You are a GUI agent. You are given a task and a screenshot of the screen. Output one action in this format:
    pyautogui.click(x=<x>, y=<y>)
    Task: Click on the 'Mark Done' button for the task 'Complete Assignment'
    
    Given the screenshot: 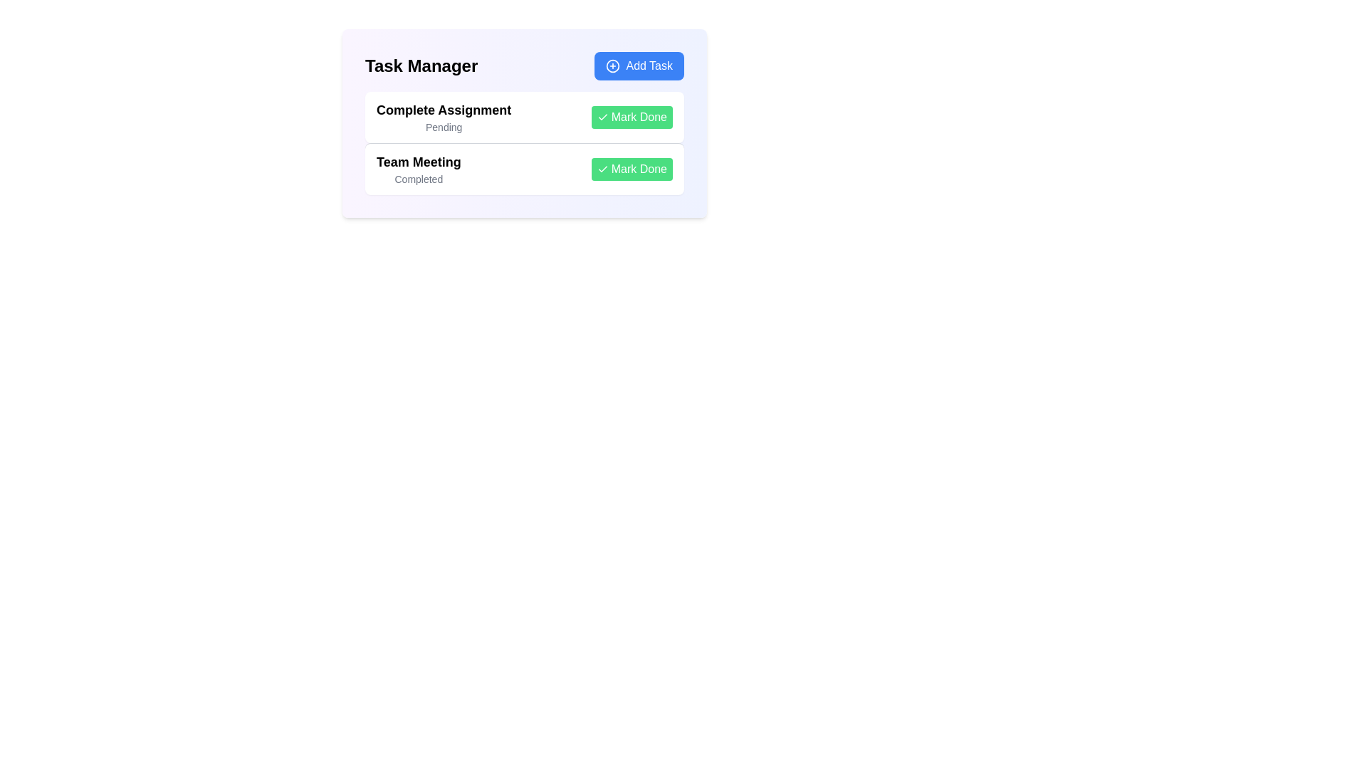 What is the action you would take?
    pyautogui.click(x=631, y=117)
    